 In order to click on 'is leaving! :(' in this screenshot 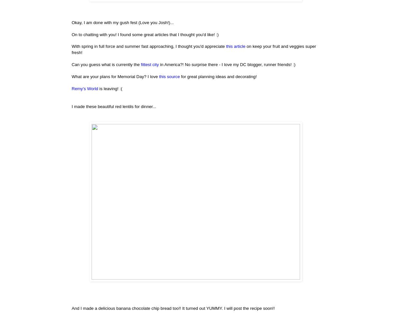, I will do `click(110, 88)`.